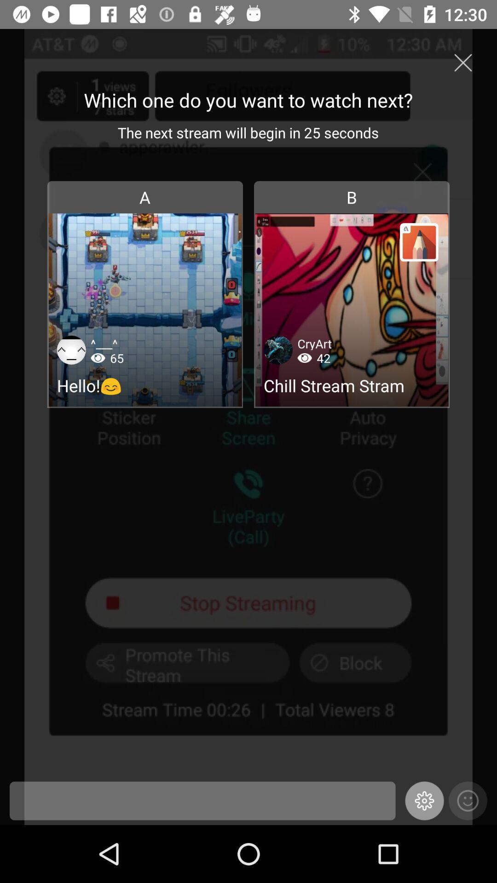 The image size is (497, 883). What do you see at coordinates (463, 62) in the screenshot?
I see `the close icon` at bounding box center [463, 62].